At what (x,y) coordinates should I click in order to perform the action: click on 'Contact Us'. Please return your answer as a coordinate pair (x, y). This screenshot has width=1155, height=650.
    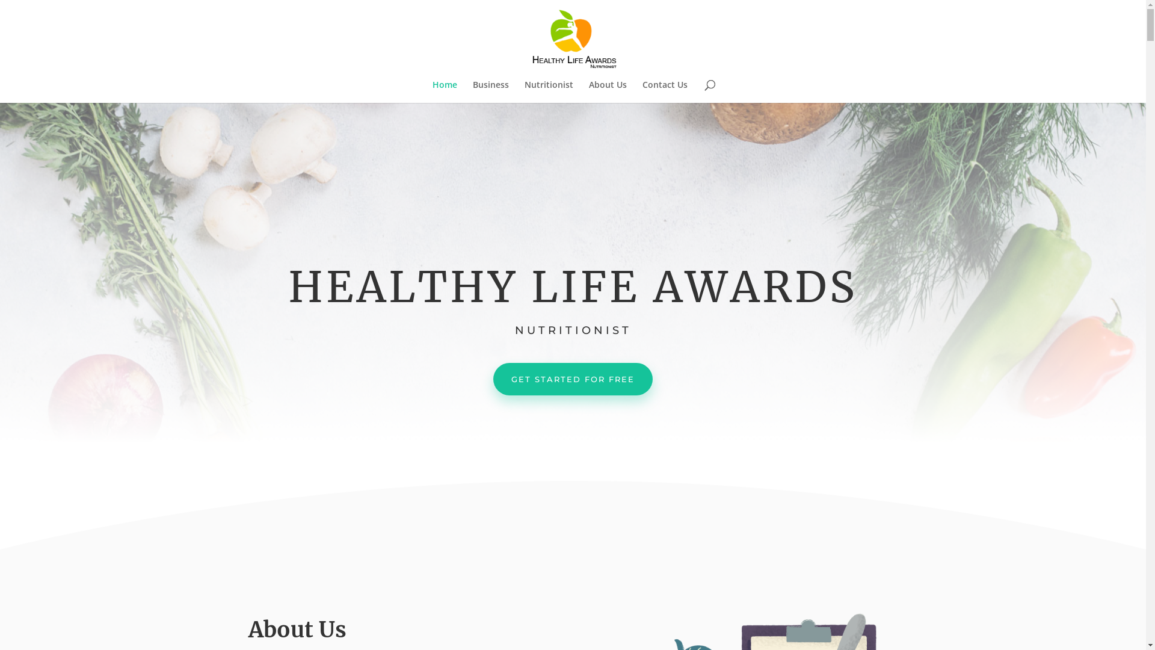
    Looking at the image, I should click on (642, 91).